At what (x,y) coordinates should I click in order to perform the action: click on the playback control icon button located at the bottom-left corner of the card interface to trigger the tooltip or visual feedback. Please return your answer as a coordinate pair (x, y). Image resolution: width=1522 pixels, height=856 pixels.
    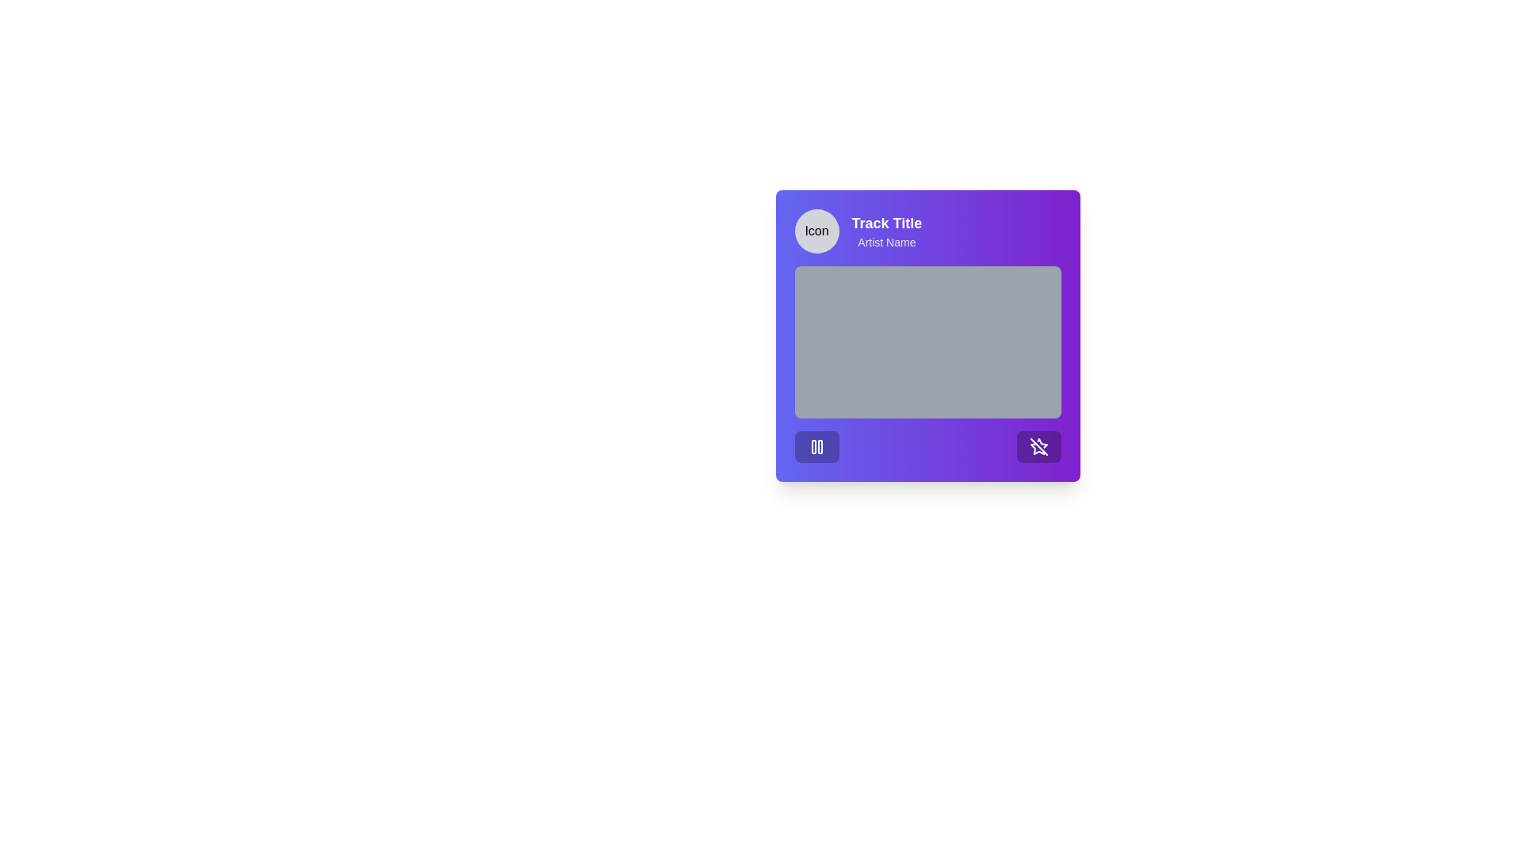
    Looking at the image, I should click on (816, 446).